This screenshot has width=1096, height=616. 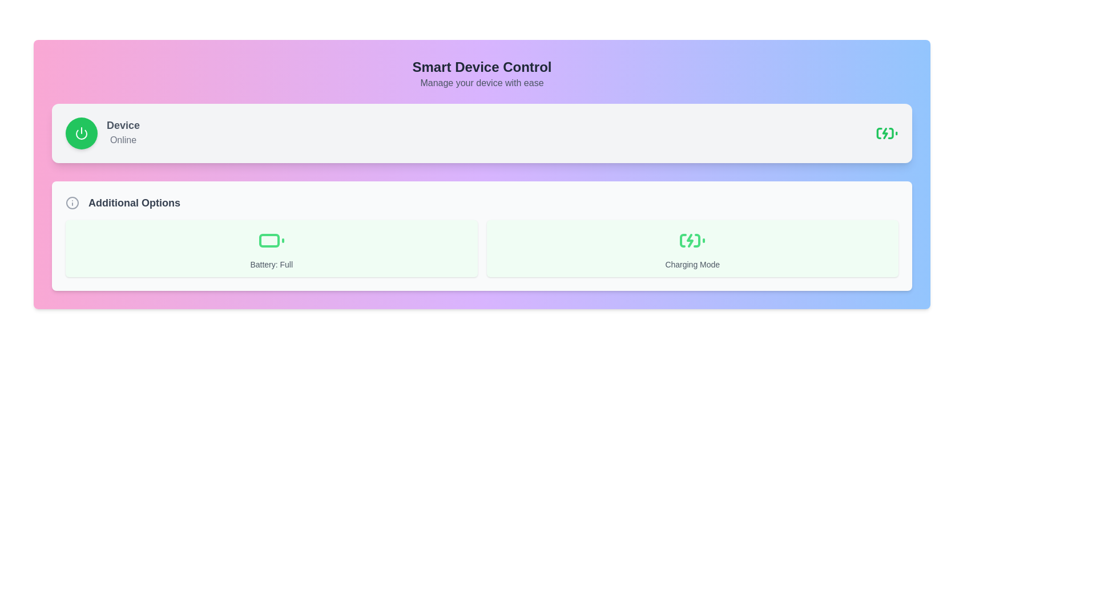 I want to click on informative text positioned centrally at the top of the interface, serving as a subtitle to 'Smart Device Control', so click(x=482, y=83).